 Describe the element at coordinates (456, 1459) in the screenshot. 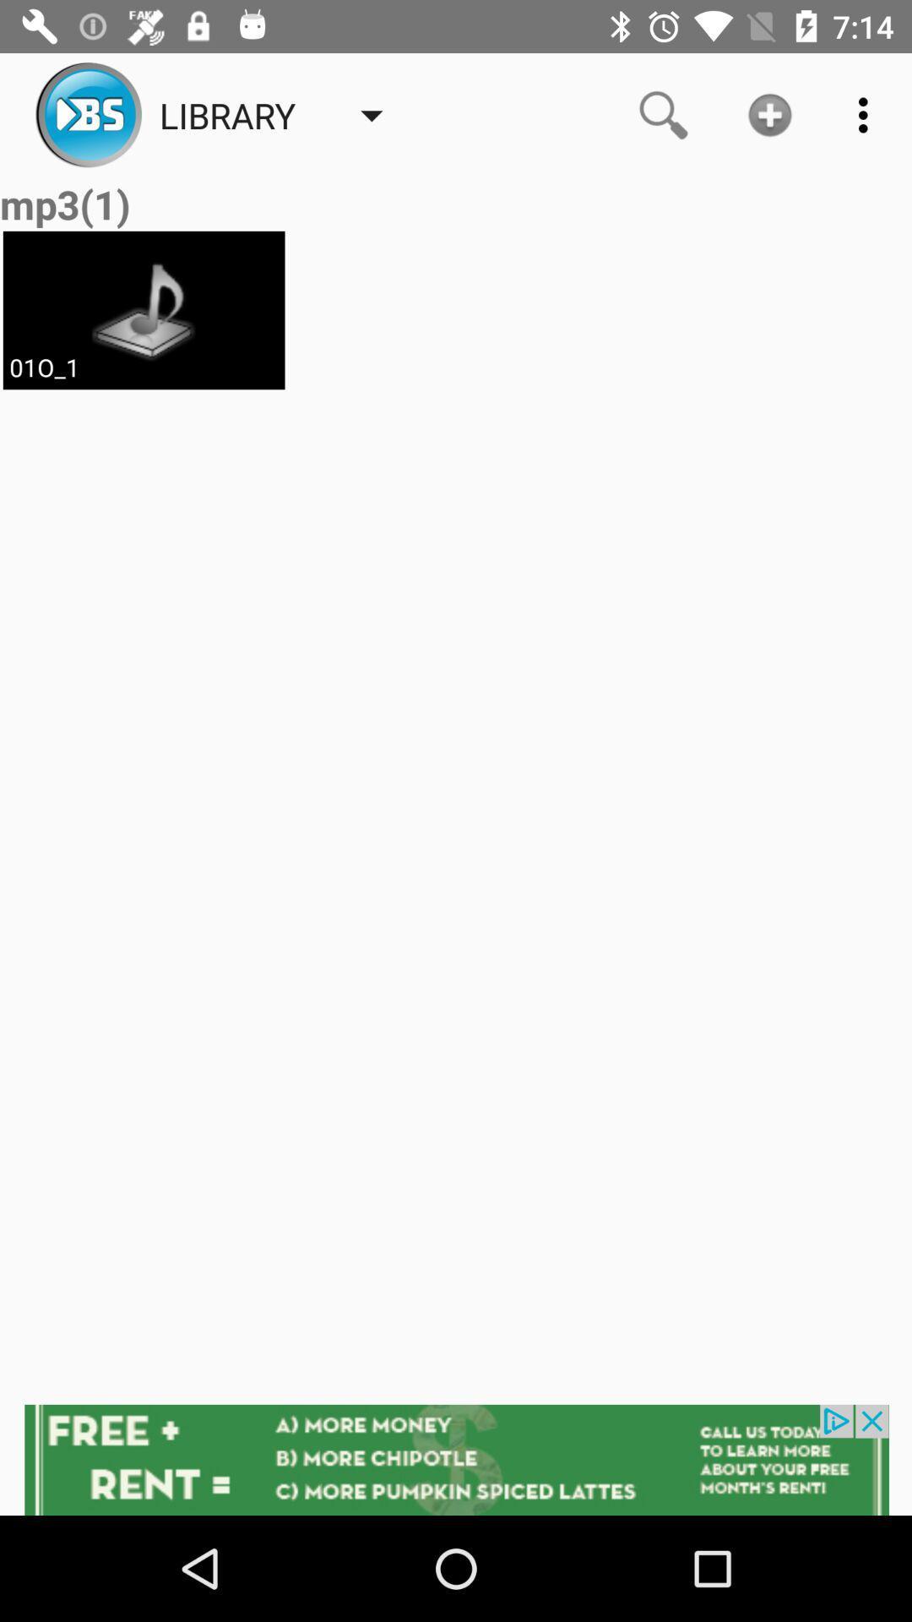

I see `advertisement` at that location.